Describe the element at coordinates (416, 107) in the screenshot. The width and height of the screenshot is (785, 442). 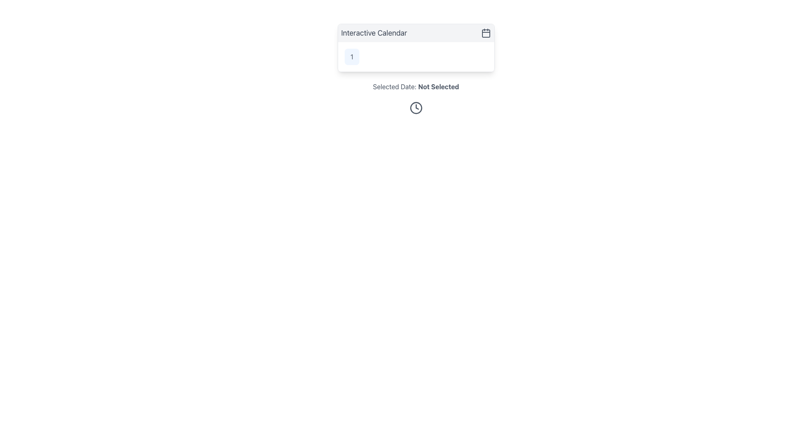
I see `the circular element within the clock icon in the SVG` at that location.